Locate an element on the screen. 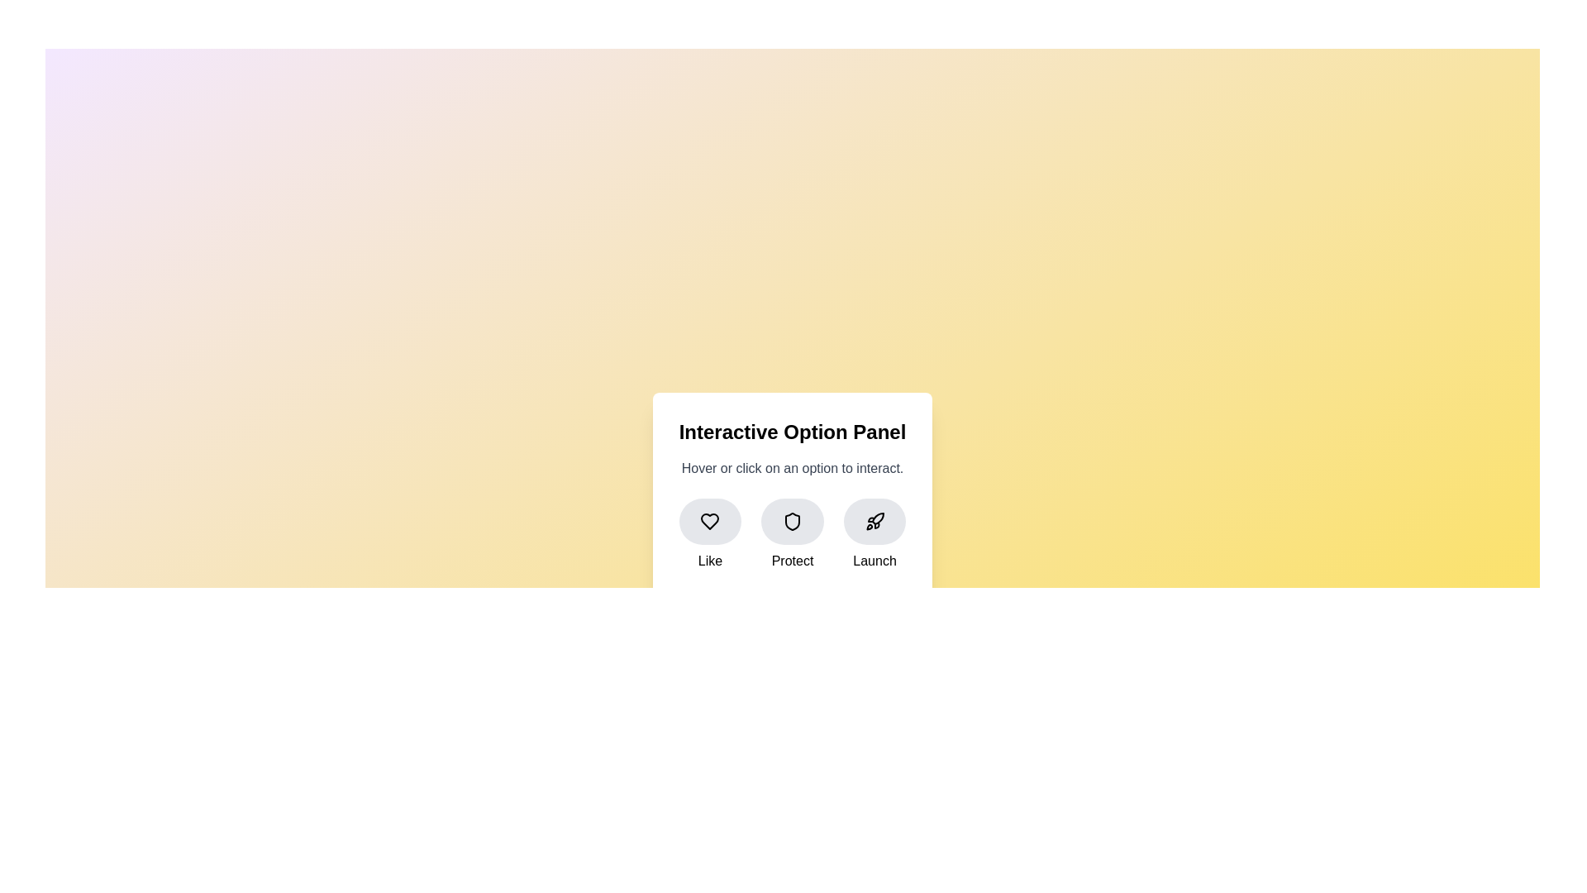 The height and width of the screenshot is (893, 1587). the heart-shaped icon button outlined in black, which represents the 'like' action, located at the center of the interactive panel is located at coordinates (710, 522).